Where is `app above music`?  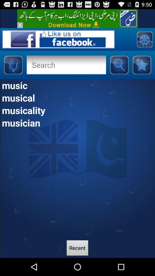
app above music is located at coordinates (119, 65).